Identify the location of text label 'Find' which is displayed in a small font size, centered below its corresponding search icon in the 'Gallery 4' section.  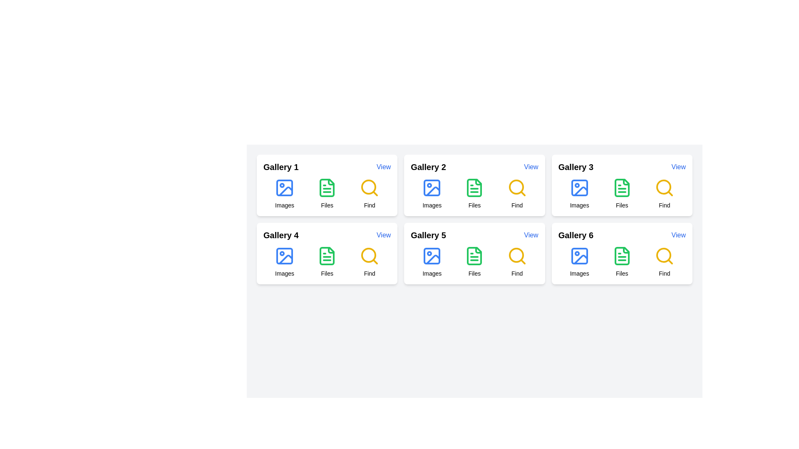
(369, 274).